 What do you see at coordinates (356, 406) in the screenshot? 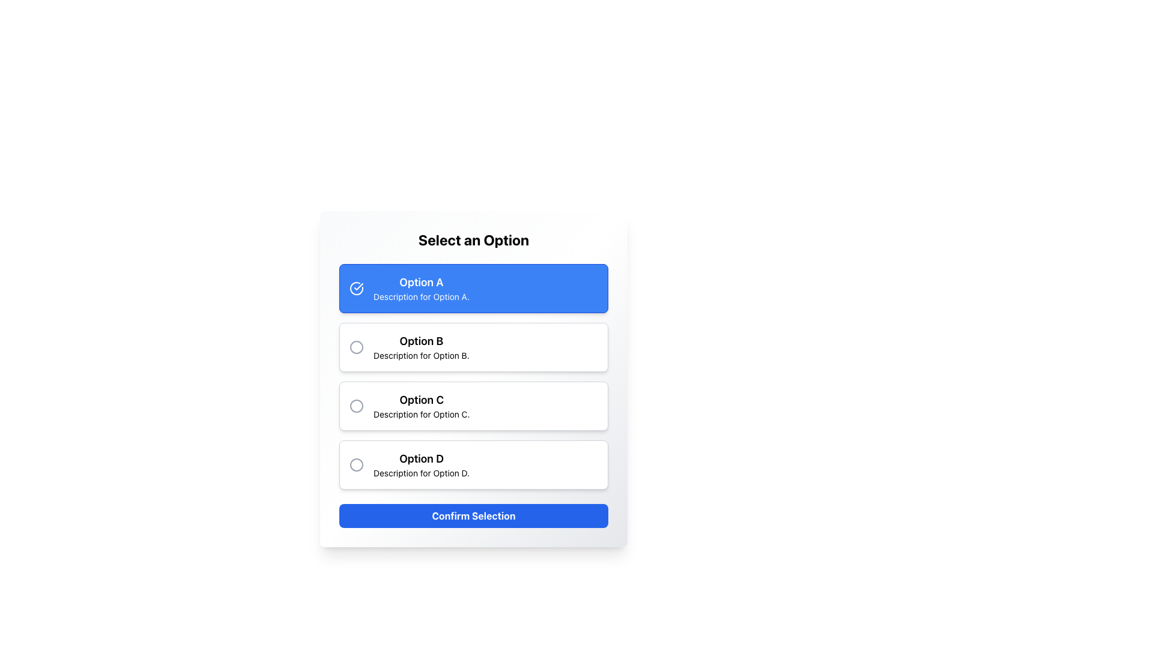
I see `the gray circular icon resembling a radio button located within the selection card for 'Option C'` at bounding box center [356, 406].